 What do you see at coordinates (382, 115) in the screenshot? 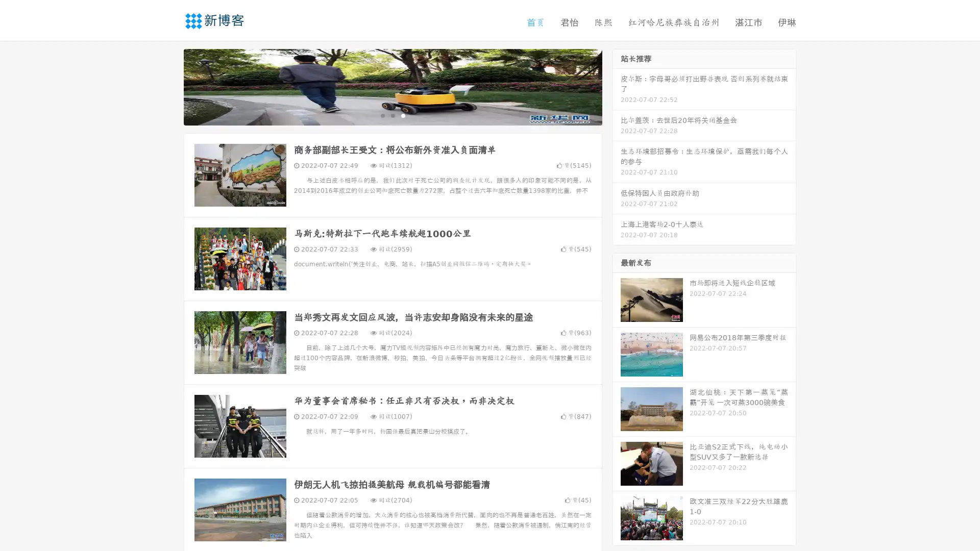
I see `Go to slide 1` at bounding box center [382, 115].